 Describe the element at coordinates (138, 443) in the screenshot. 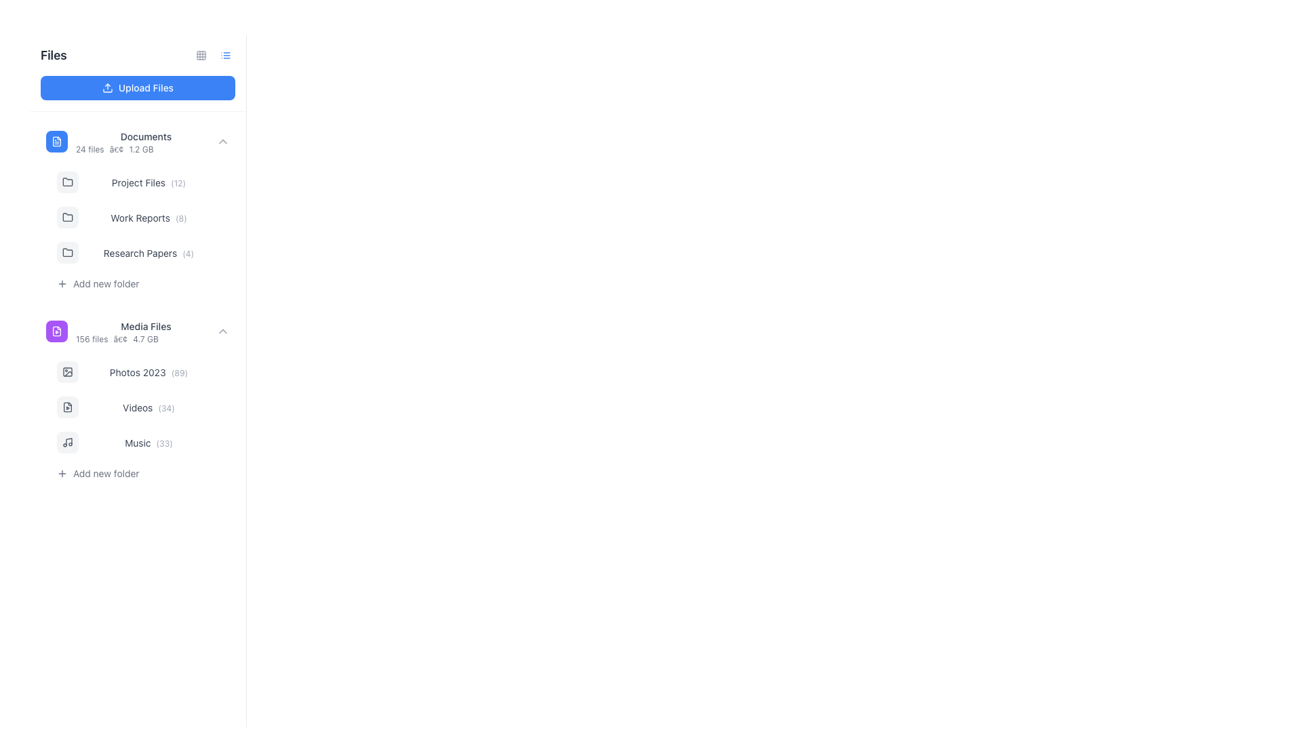

I see `the 'Music' text element` at that location.